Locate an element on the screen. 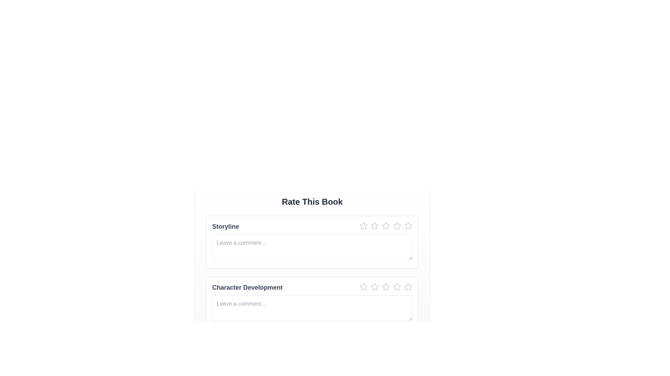  the sixth star in the group of seven light gray rating stars for 'Character Development' is located at coordinates (397, 287).